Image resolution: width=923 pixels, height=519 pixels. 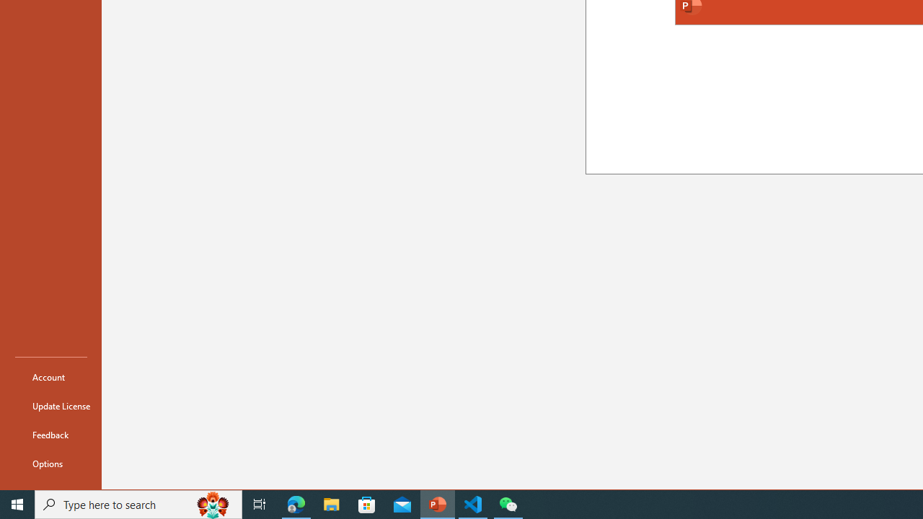 What do you see at coordinates (437, 503) in the screenshot?
I see `'PowerPoint - 1 running window'` at bounding box center [437, 503].